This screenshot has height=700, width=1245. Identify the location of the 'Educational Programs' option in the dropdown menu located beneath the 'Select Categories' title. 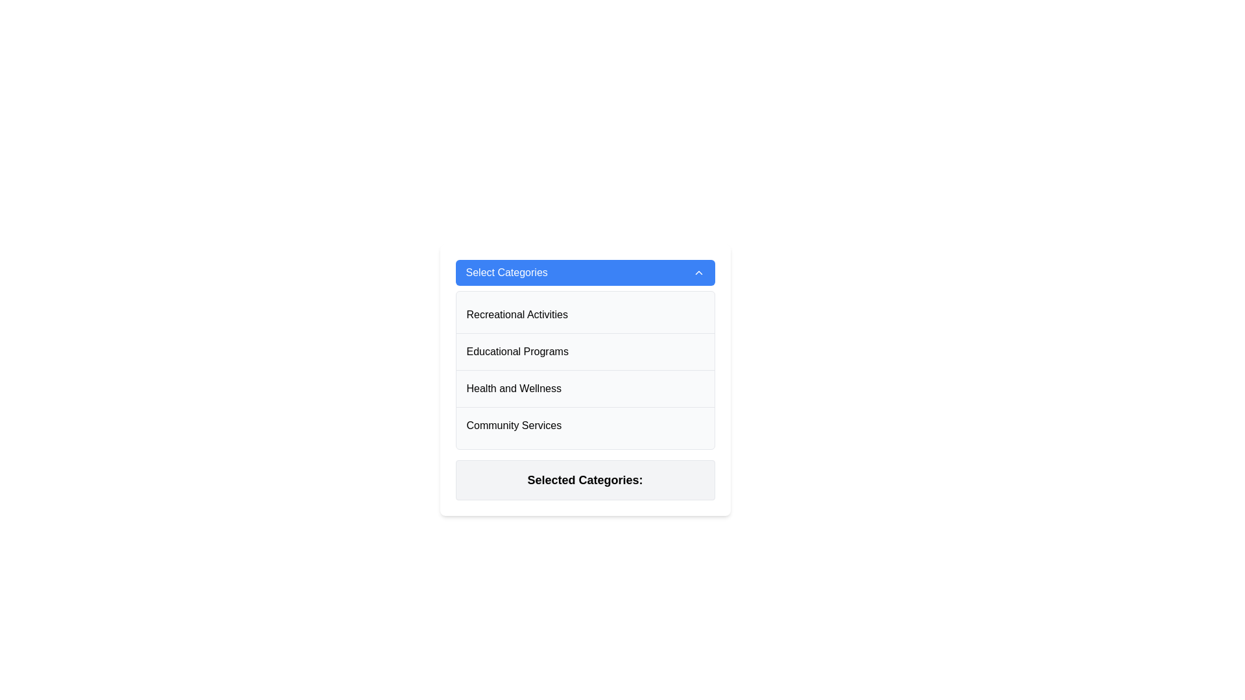
(517, 352).